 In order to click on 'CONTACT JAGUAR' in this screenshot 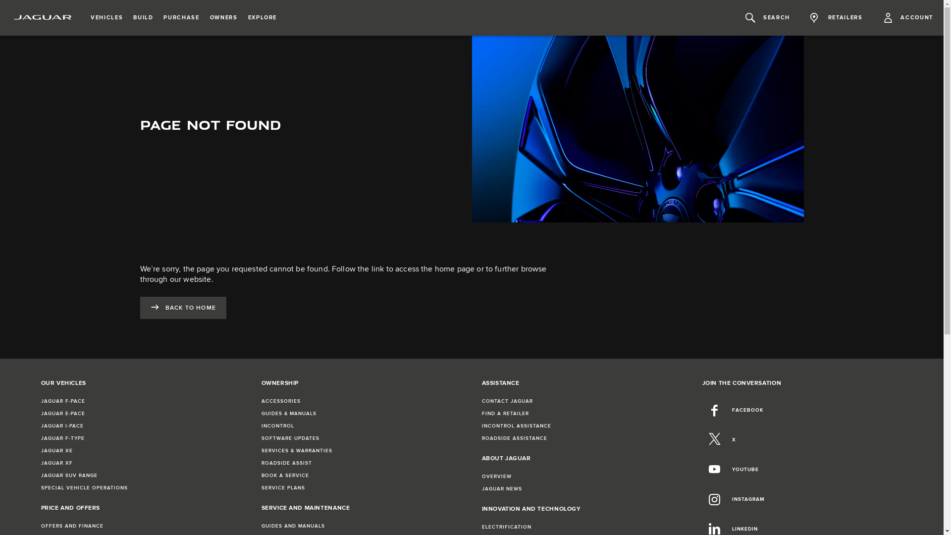, I will do `click(507, 401)`.